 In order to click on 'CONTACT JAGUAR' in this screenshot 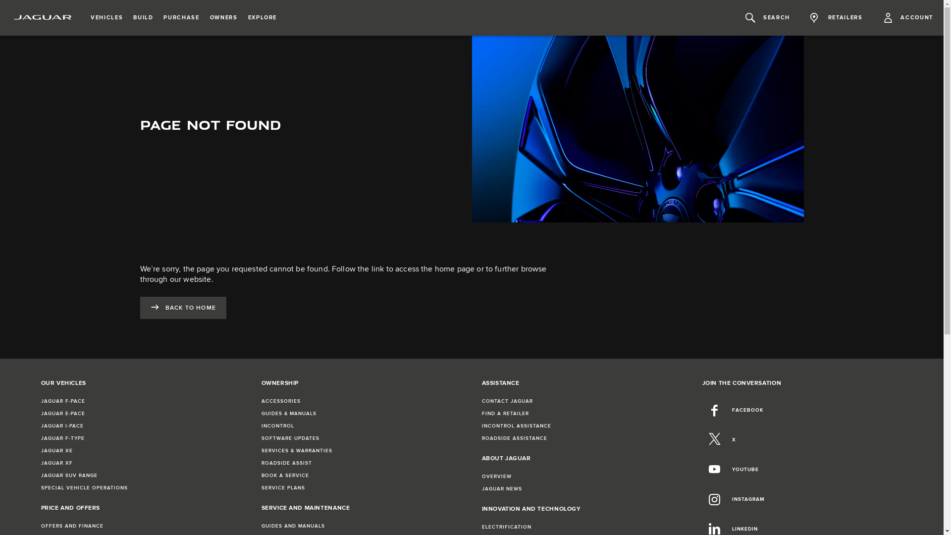, I will do `click(507, 401)`.